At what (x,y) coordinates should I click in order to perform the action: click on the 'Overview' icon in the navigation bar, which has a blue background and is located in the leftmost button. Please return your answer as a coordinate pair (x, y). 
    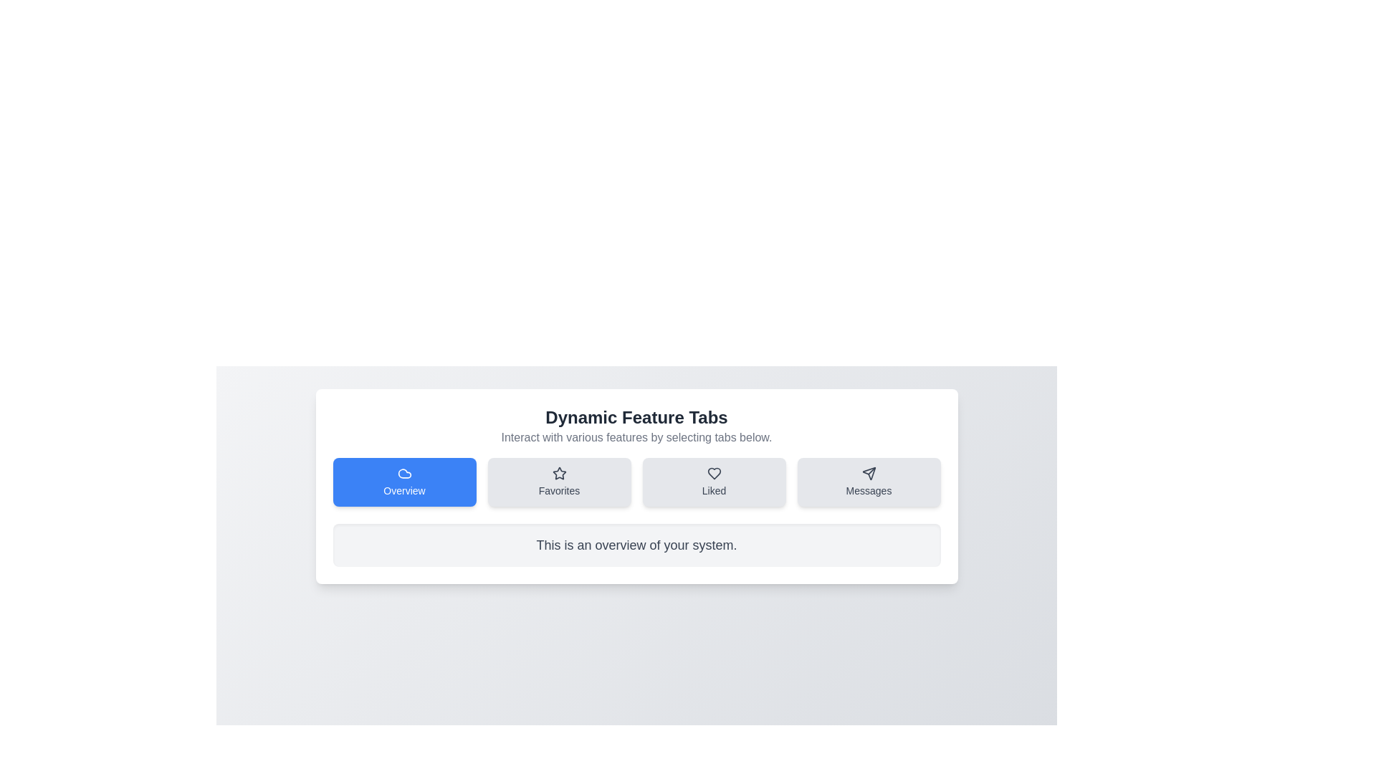
    Looking at the image, I should click on (403, 473).